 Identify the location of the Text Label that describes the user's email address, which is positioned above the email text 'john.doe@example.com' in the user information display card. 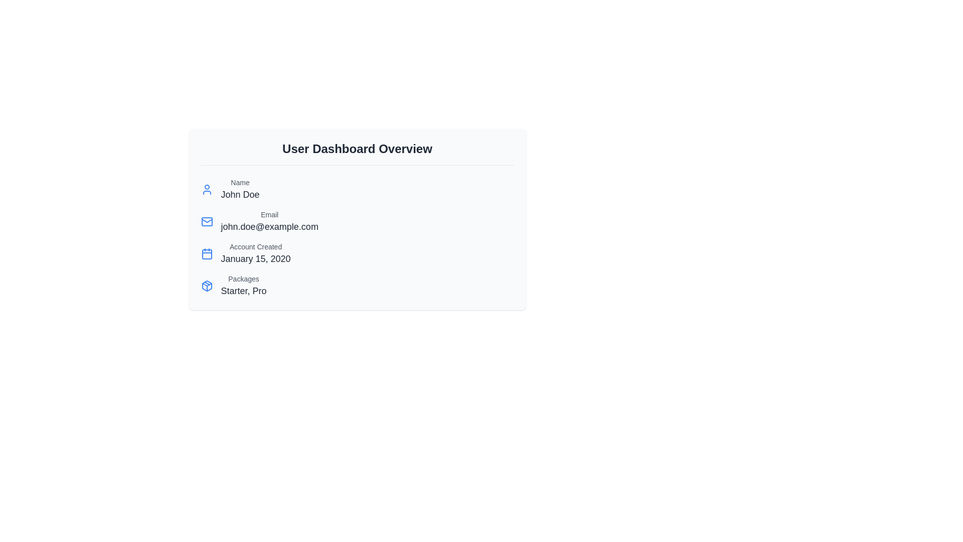
(269, 214).